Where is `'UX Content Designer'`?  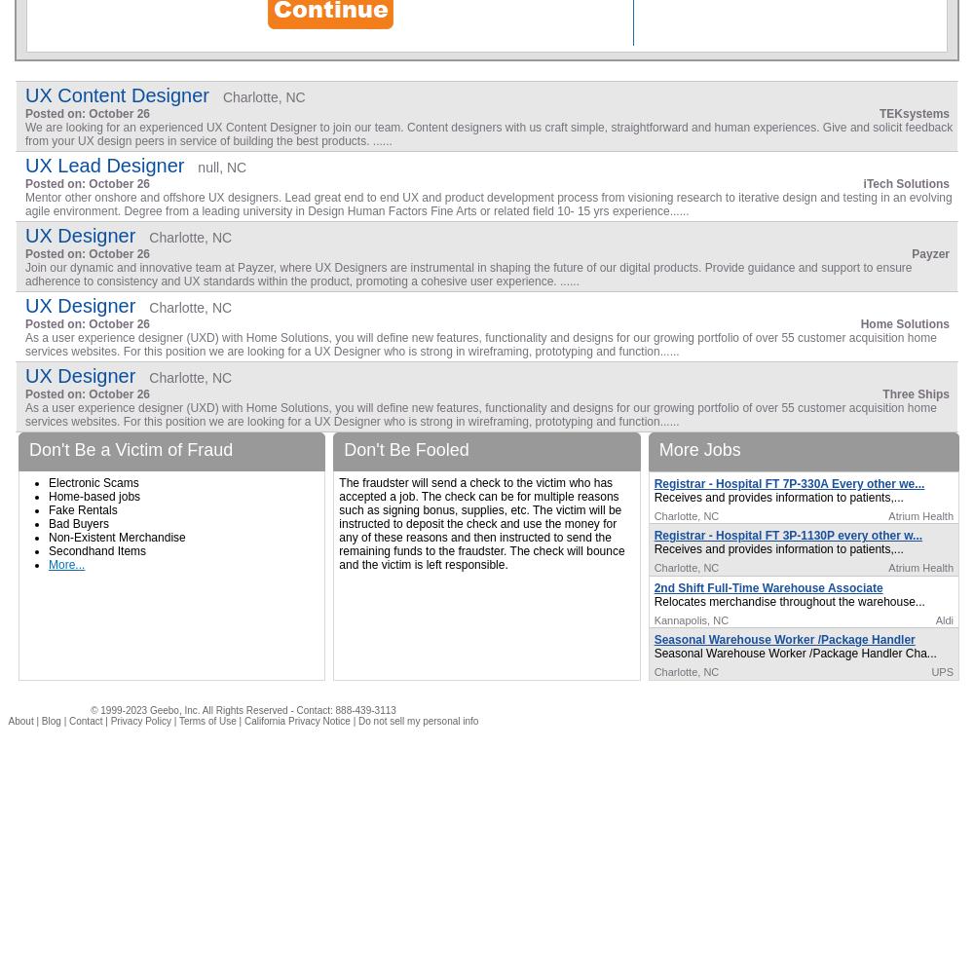
'UX Content Designer' is located at coordinates (116, 94).